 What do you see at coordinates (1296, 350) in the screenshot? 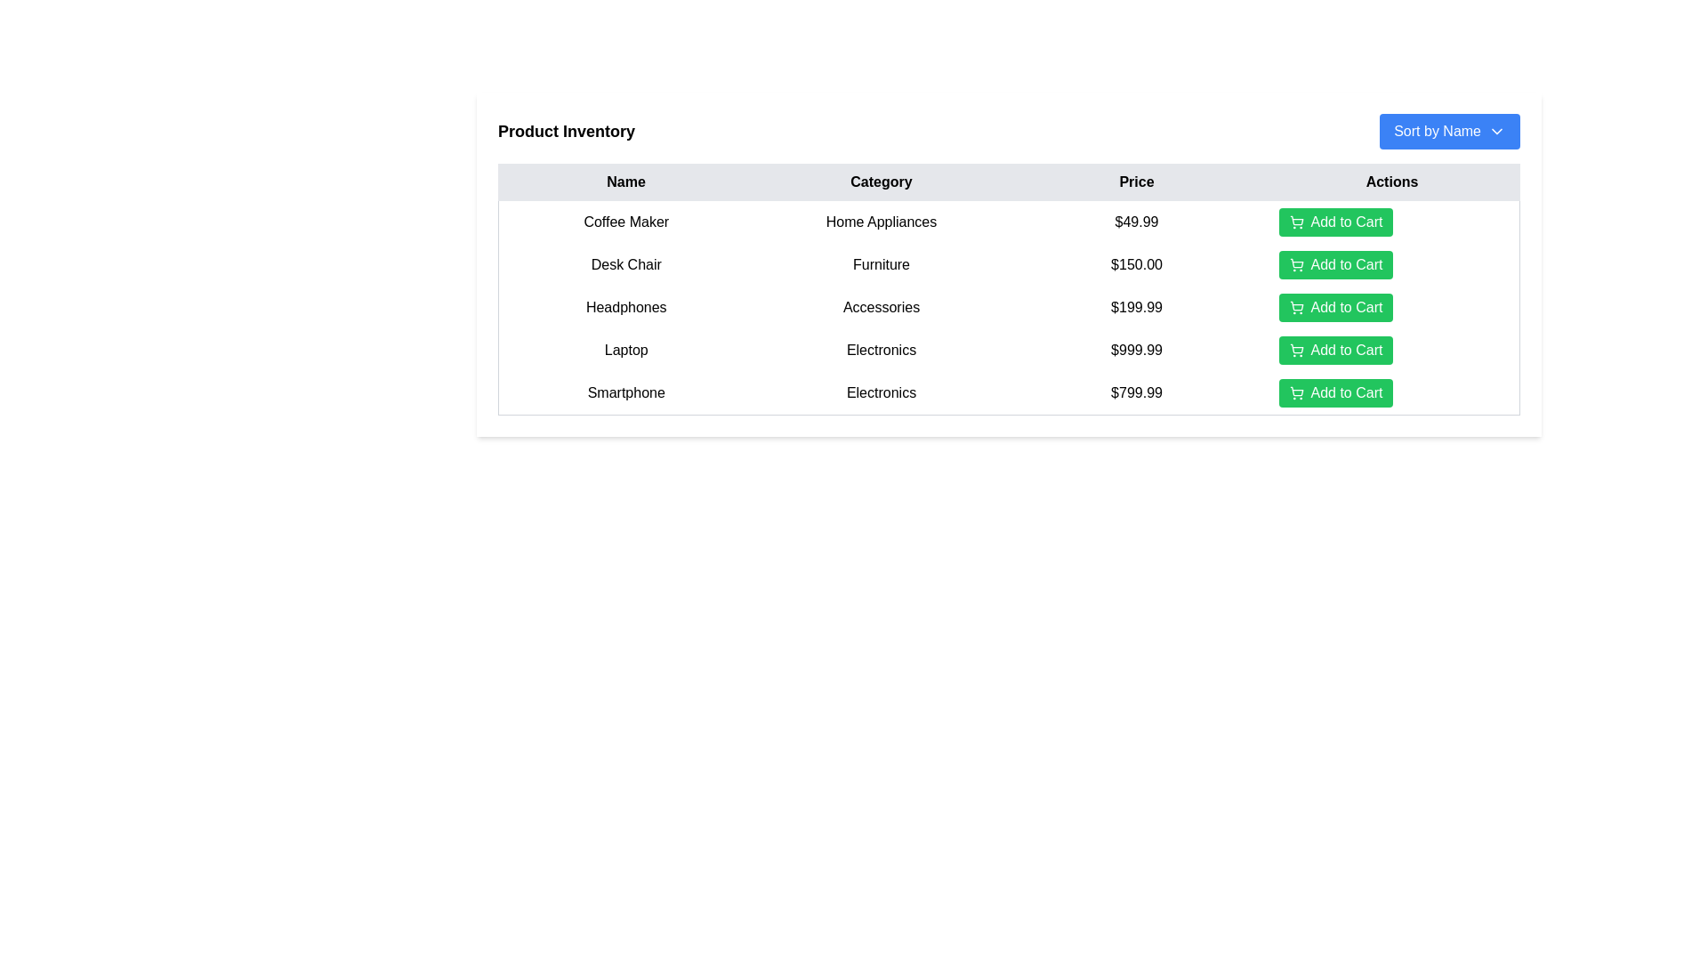
I see `the 'Add to Cart' icon for the Laptop product located in the fourth row of the 'Product Inventory' table` at bounding box center [1296, 350].